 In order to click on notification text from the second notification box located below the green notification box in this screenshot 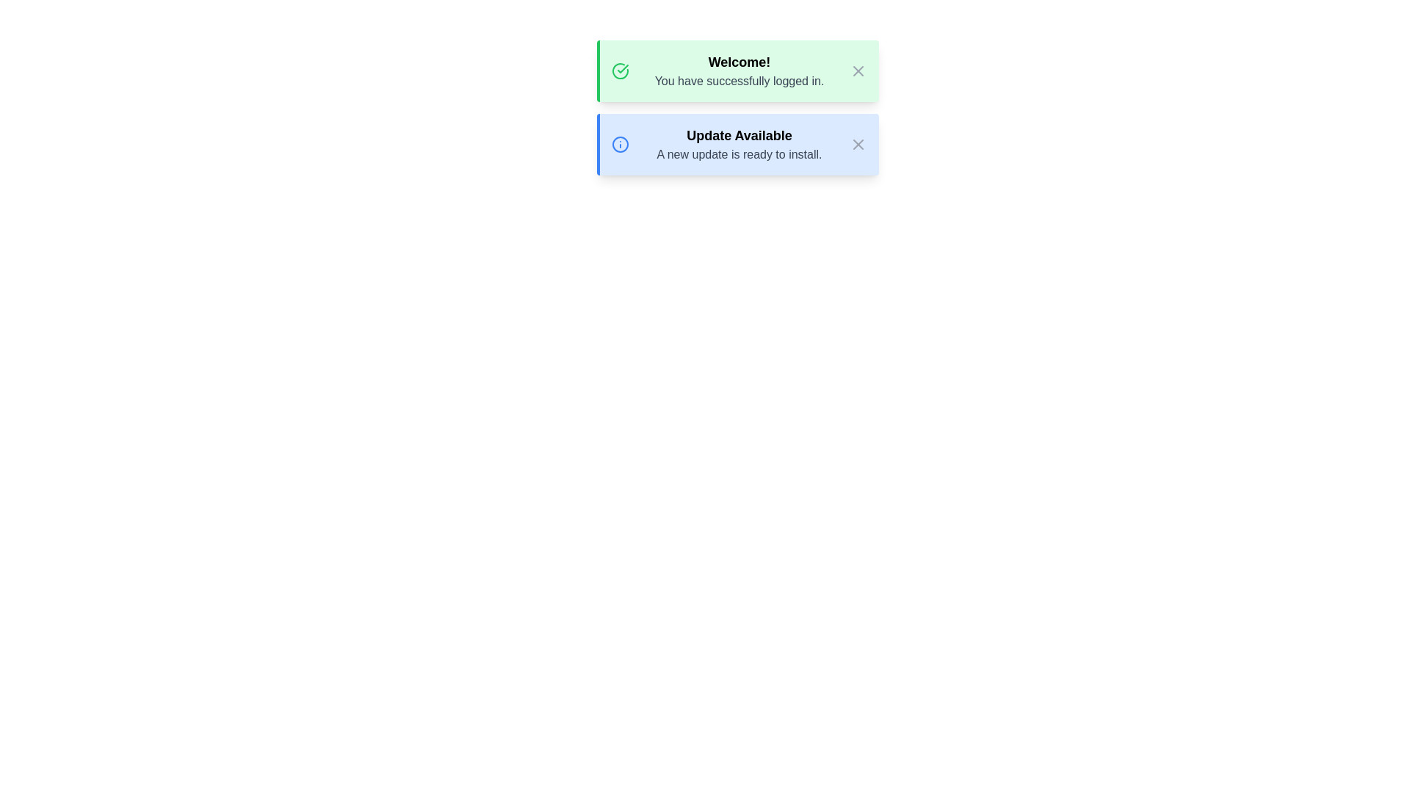, I will do `click(737, 144)`.